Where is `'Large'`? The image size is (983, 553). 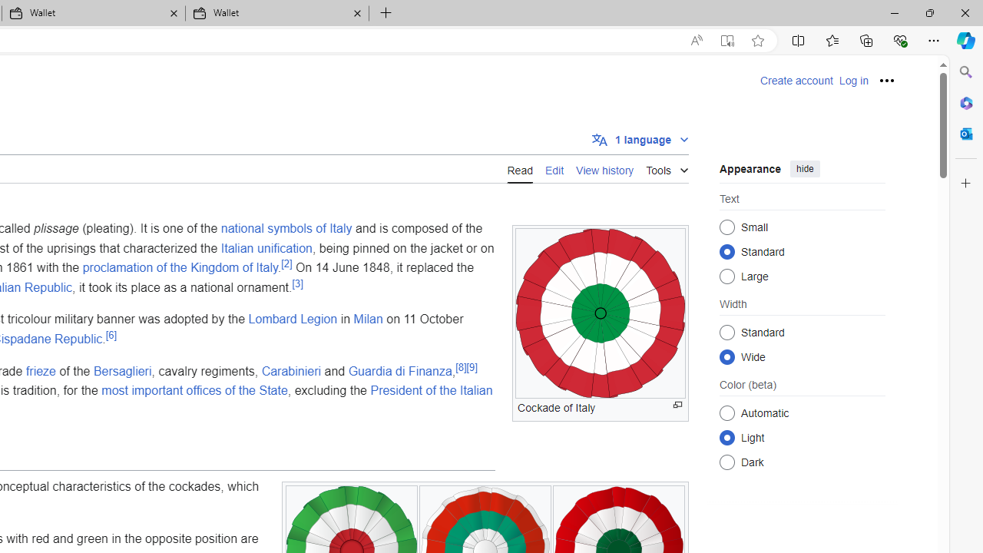
'Large' is located at coordinates (726, 275).